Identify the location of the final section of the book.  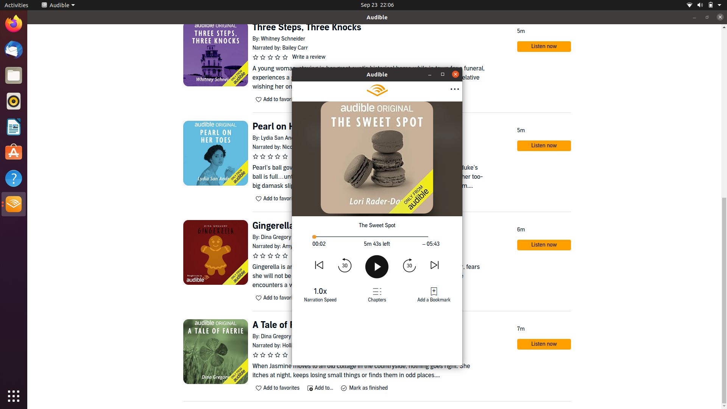
(423, 236).